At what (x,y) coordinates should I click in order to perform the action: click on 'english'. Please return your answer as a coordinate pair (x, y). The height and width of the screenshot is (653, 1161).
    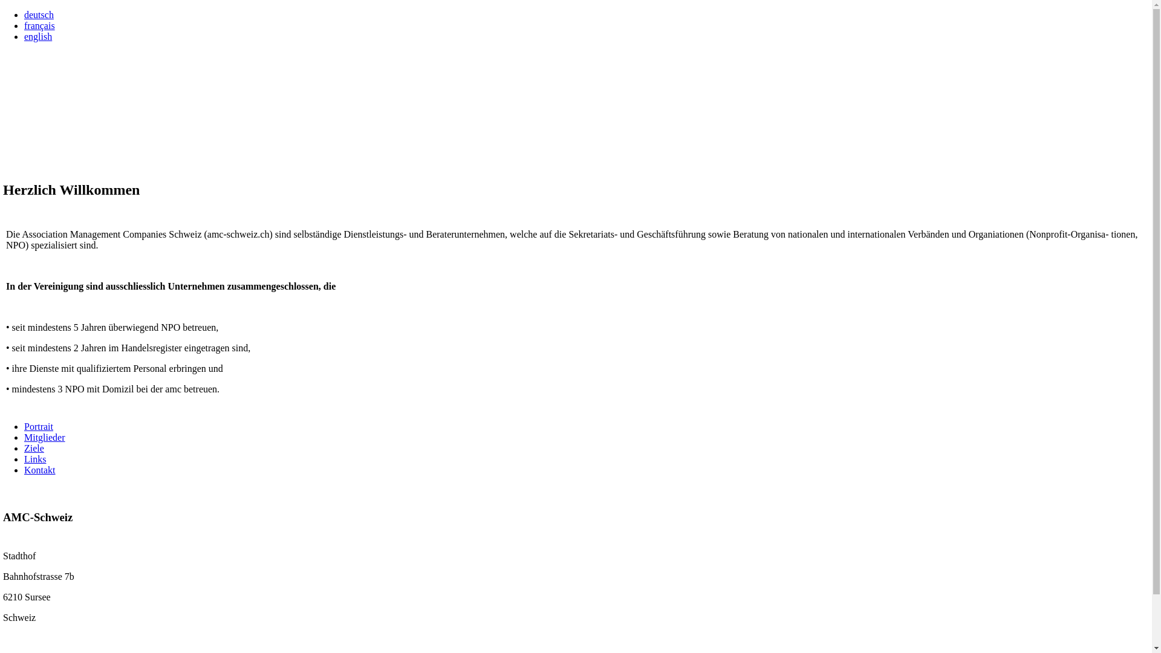
    Looking at the image, I should click on (37, 36).